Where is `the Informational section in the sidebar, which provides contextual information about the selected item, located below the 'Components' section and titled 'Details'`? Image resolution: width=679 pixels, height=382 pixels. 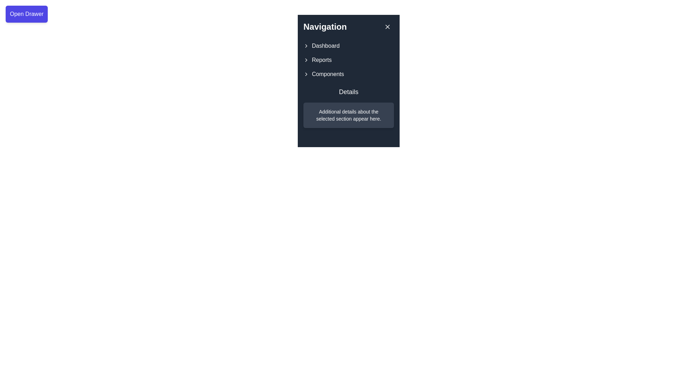 the Informational section in the sidebar, which provides contextual information about the selected item, located below the 'Components' section and titled 'Details' is located at coordinates (348, 108).